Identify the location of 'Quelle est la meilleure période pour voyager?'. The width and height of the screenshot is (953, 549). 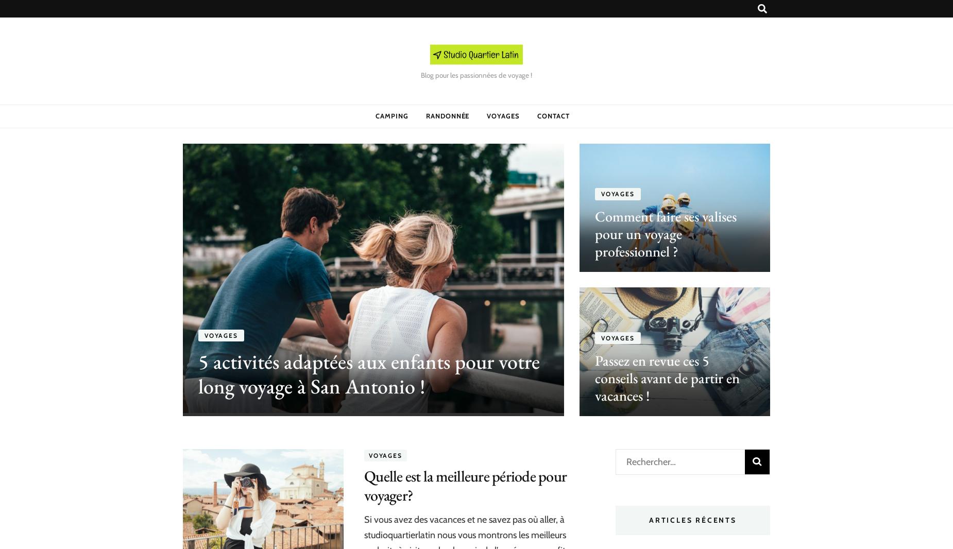
(364, 485).